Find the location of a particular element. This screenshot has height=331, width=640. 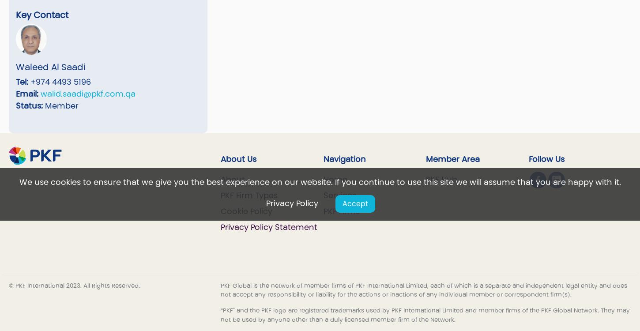

'+974 4493 5196' is located at coordinates (59, 82).